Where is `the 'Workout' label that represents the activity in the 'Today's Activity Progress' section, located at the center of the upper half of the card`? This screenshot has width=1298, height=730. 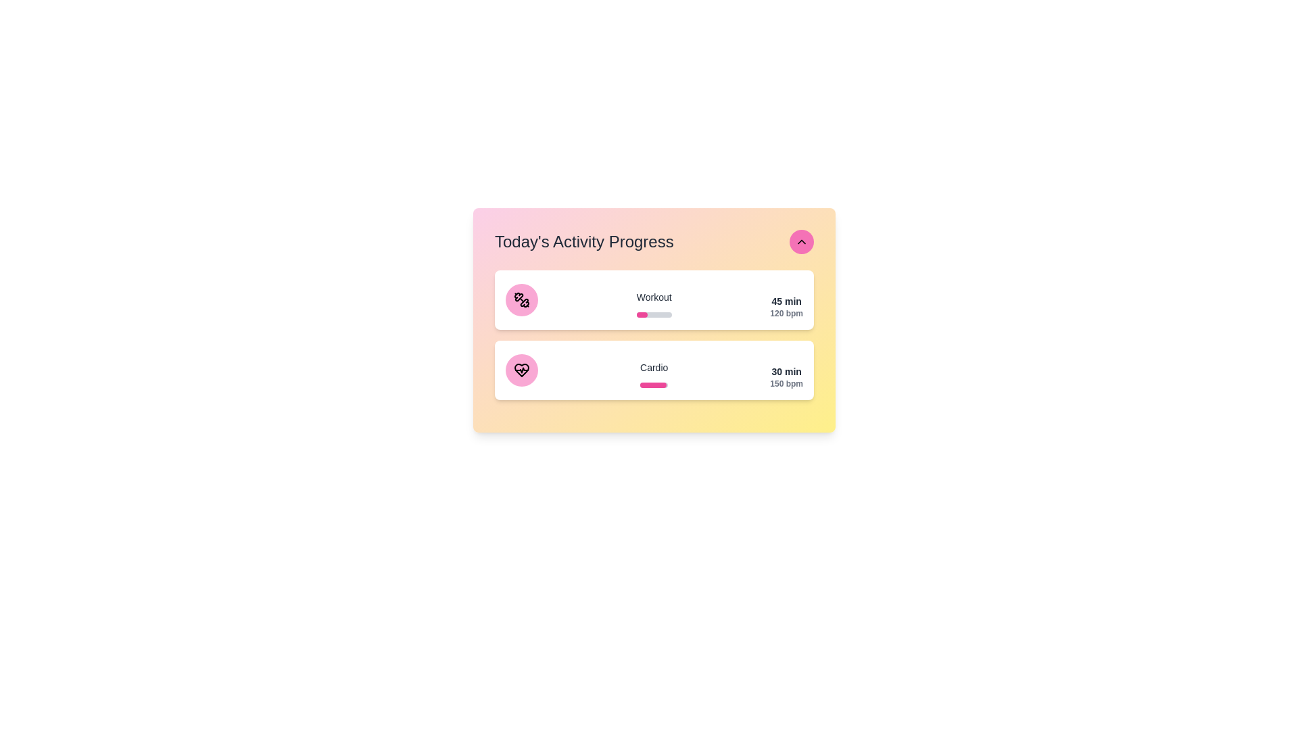 the 'Workout' label that represents the activity in the 'Today's Activity Progress' section, located at the center of the upper half of the card is located at coordinates (654, 304).